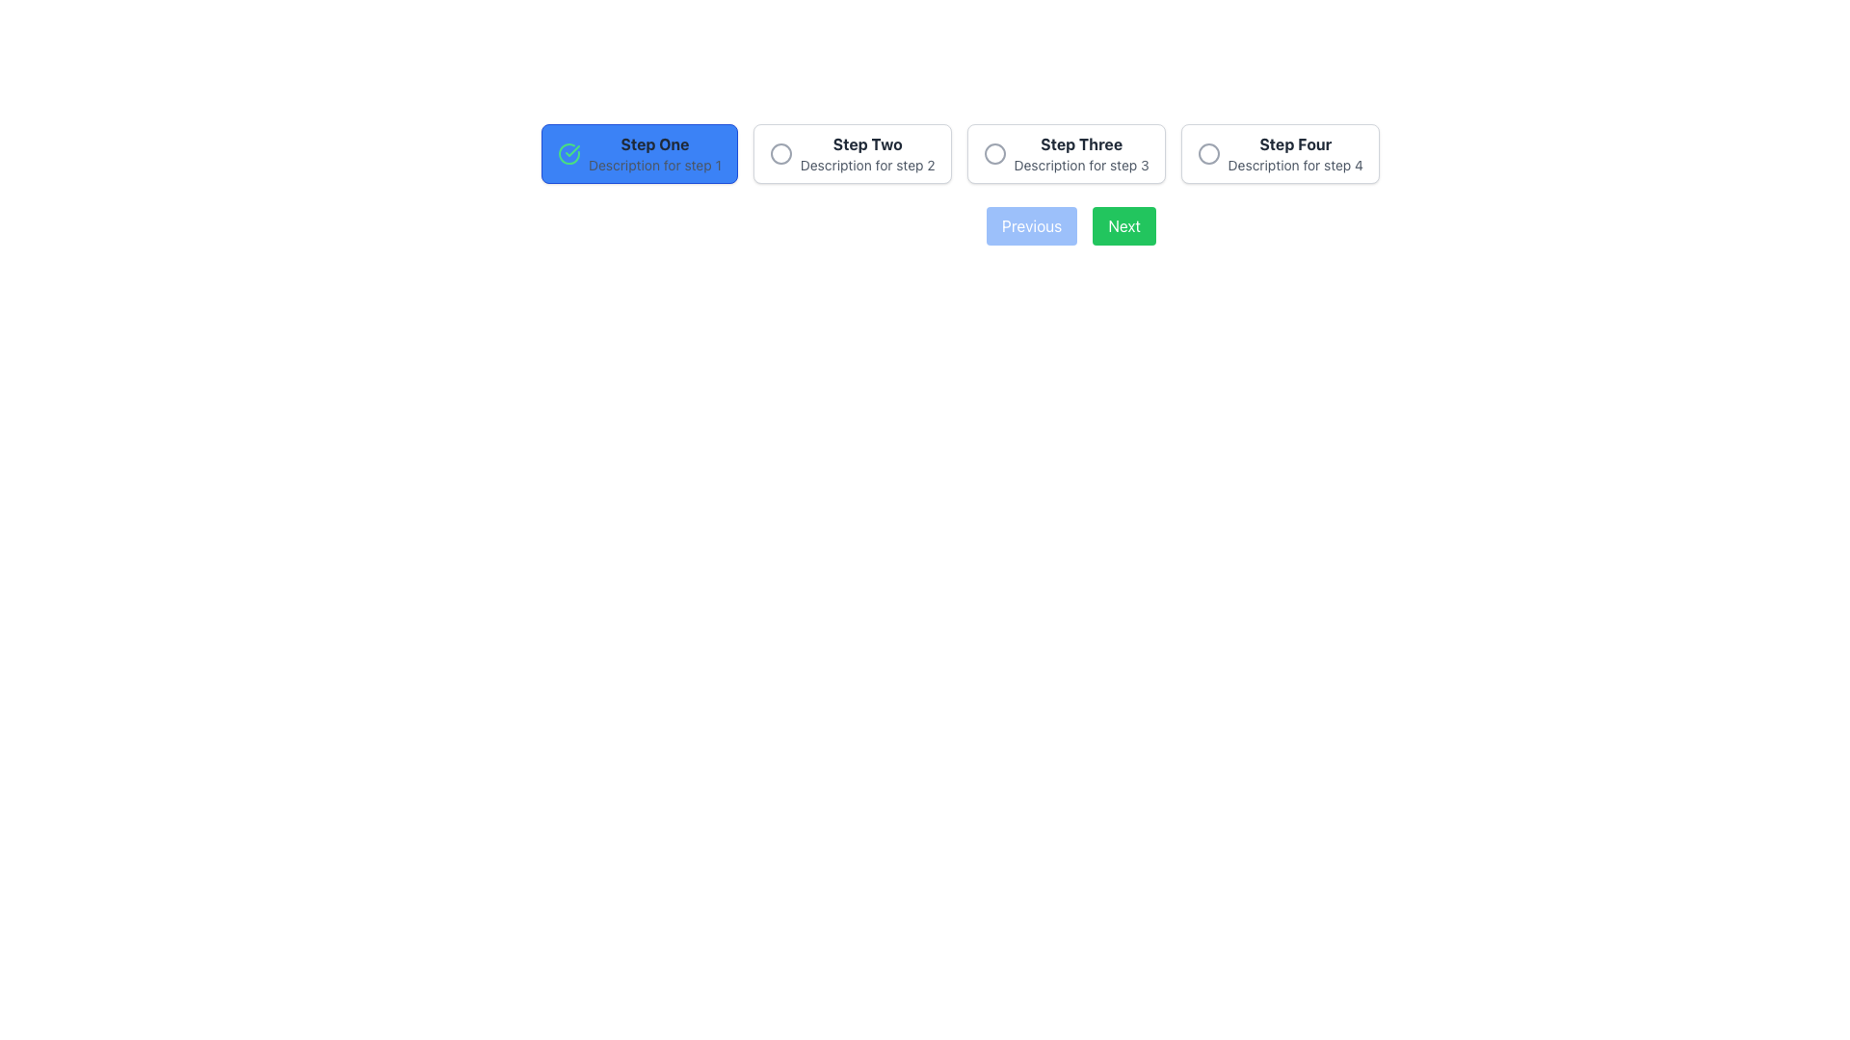 This screenshot has width=1850, height=1040. What do you see at coordinates (1295, 143) in the screenshot?
I see `the Text Label that serves as a title for the fourth step in the sequential navigation component, positioned above the text 'Description for step 4'` at bounding box center [1295, 143].